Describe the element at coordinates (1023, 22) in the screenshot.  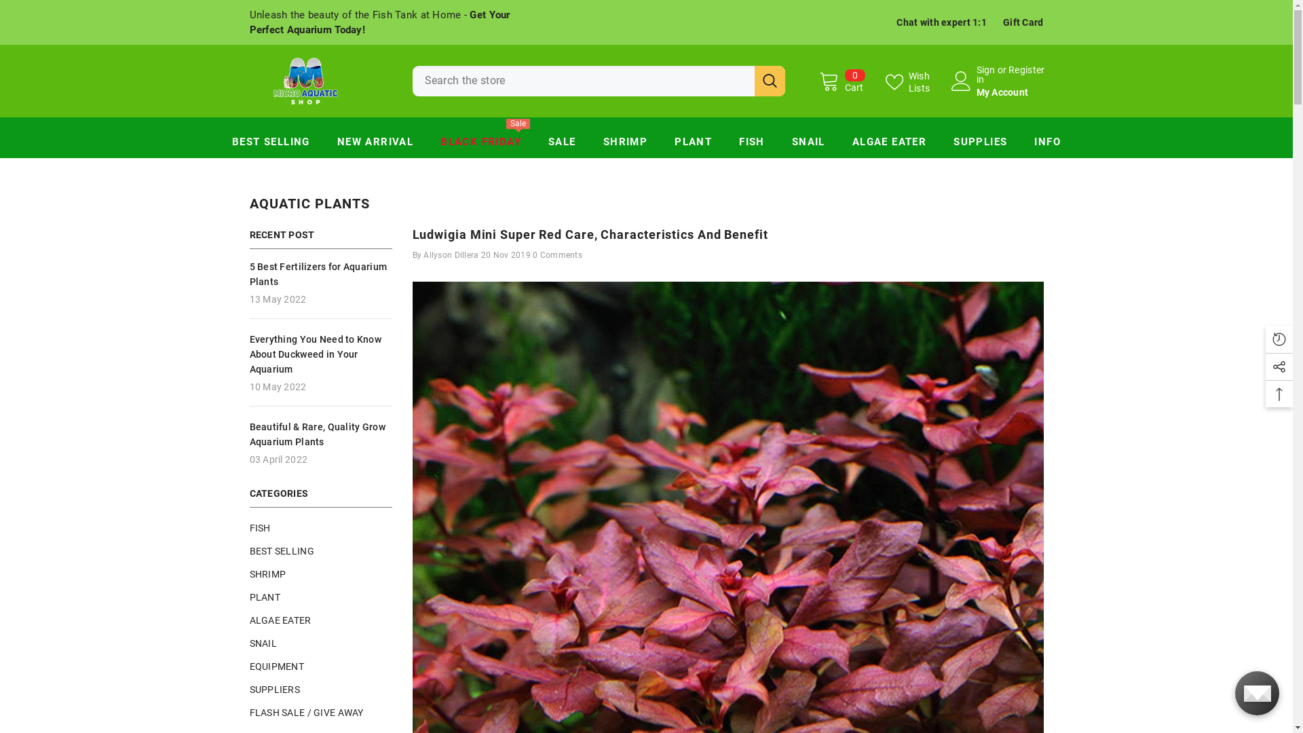
I see `'Gift Card'` at that location.